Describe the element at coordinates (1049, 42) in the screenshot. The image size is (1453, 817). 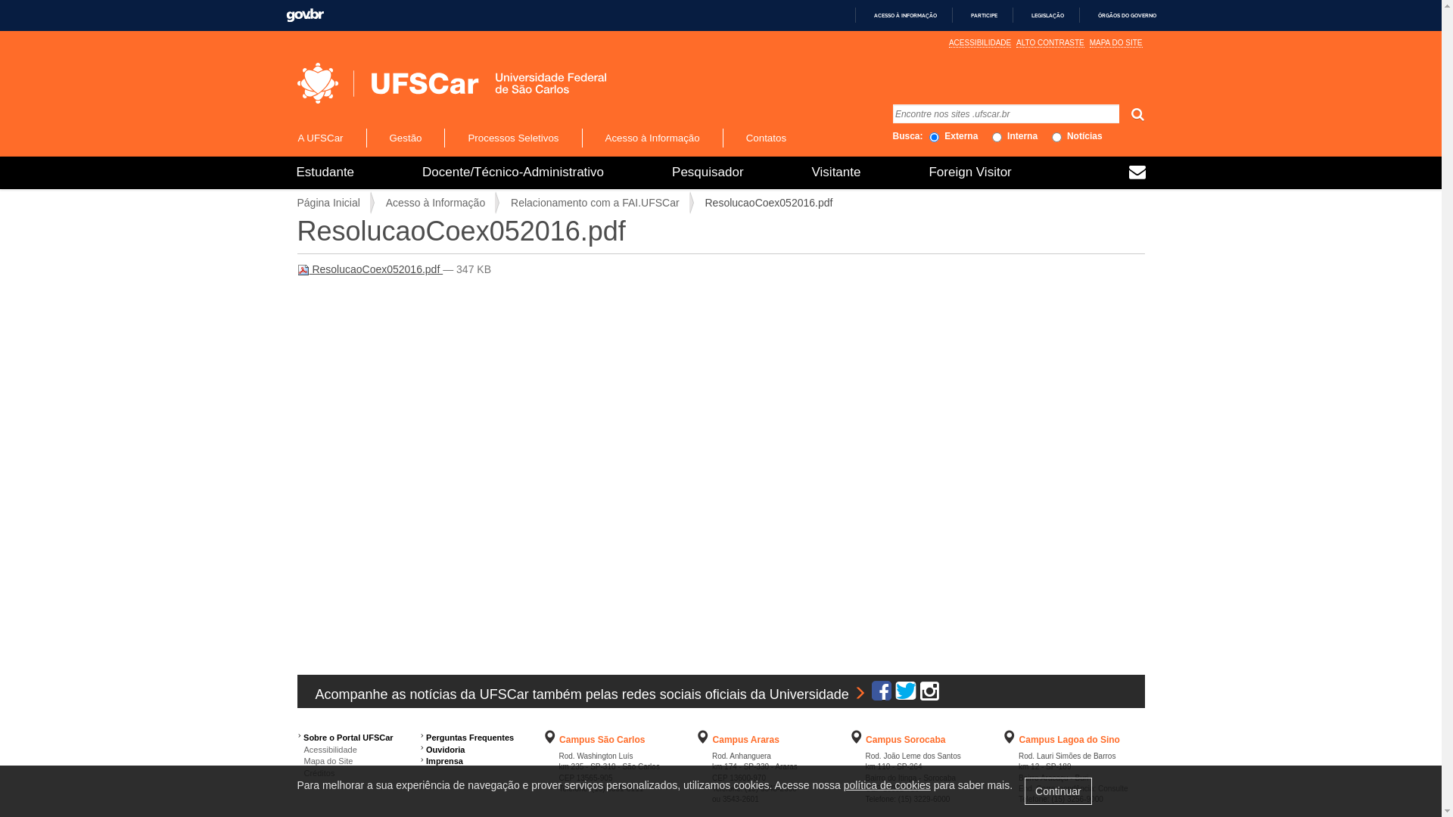
I see `'ALTO CONTRASTE'` at that location.